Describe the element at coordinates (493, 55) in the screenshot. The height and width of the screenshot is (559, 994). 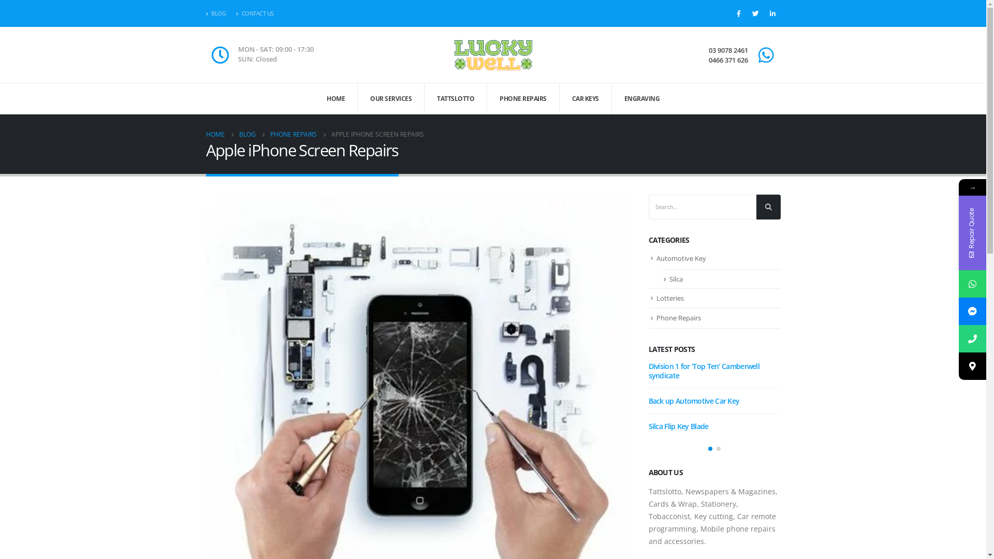
I see `'Lucky Well - 34 Division 1 Winners'` at that location.